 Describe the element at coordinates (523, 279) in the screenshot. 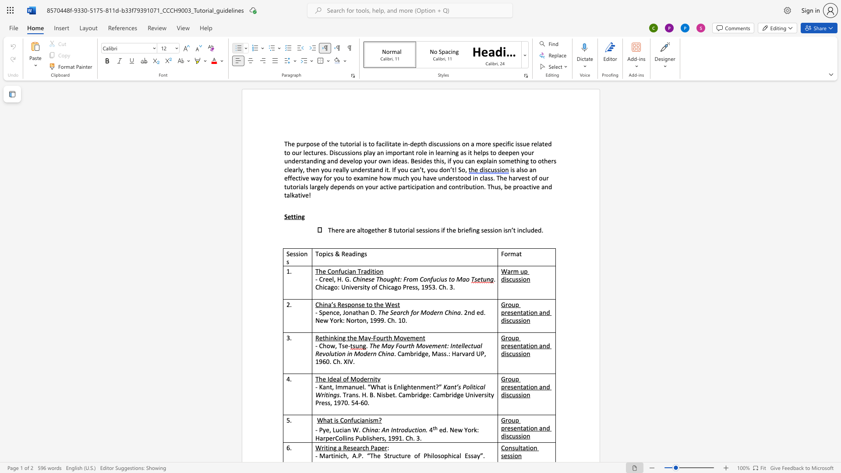

I see `the space between the continuous character "i" and "o" in the text` at that location.